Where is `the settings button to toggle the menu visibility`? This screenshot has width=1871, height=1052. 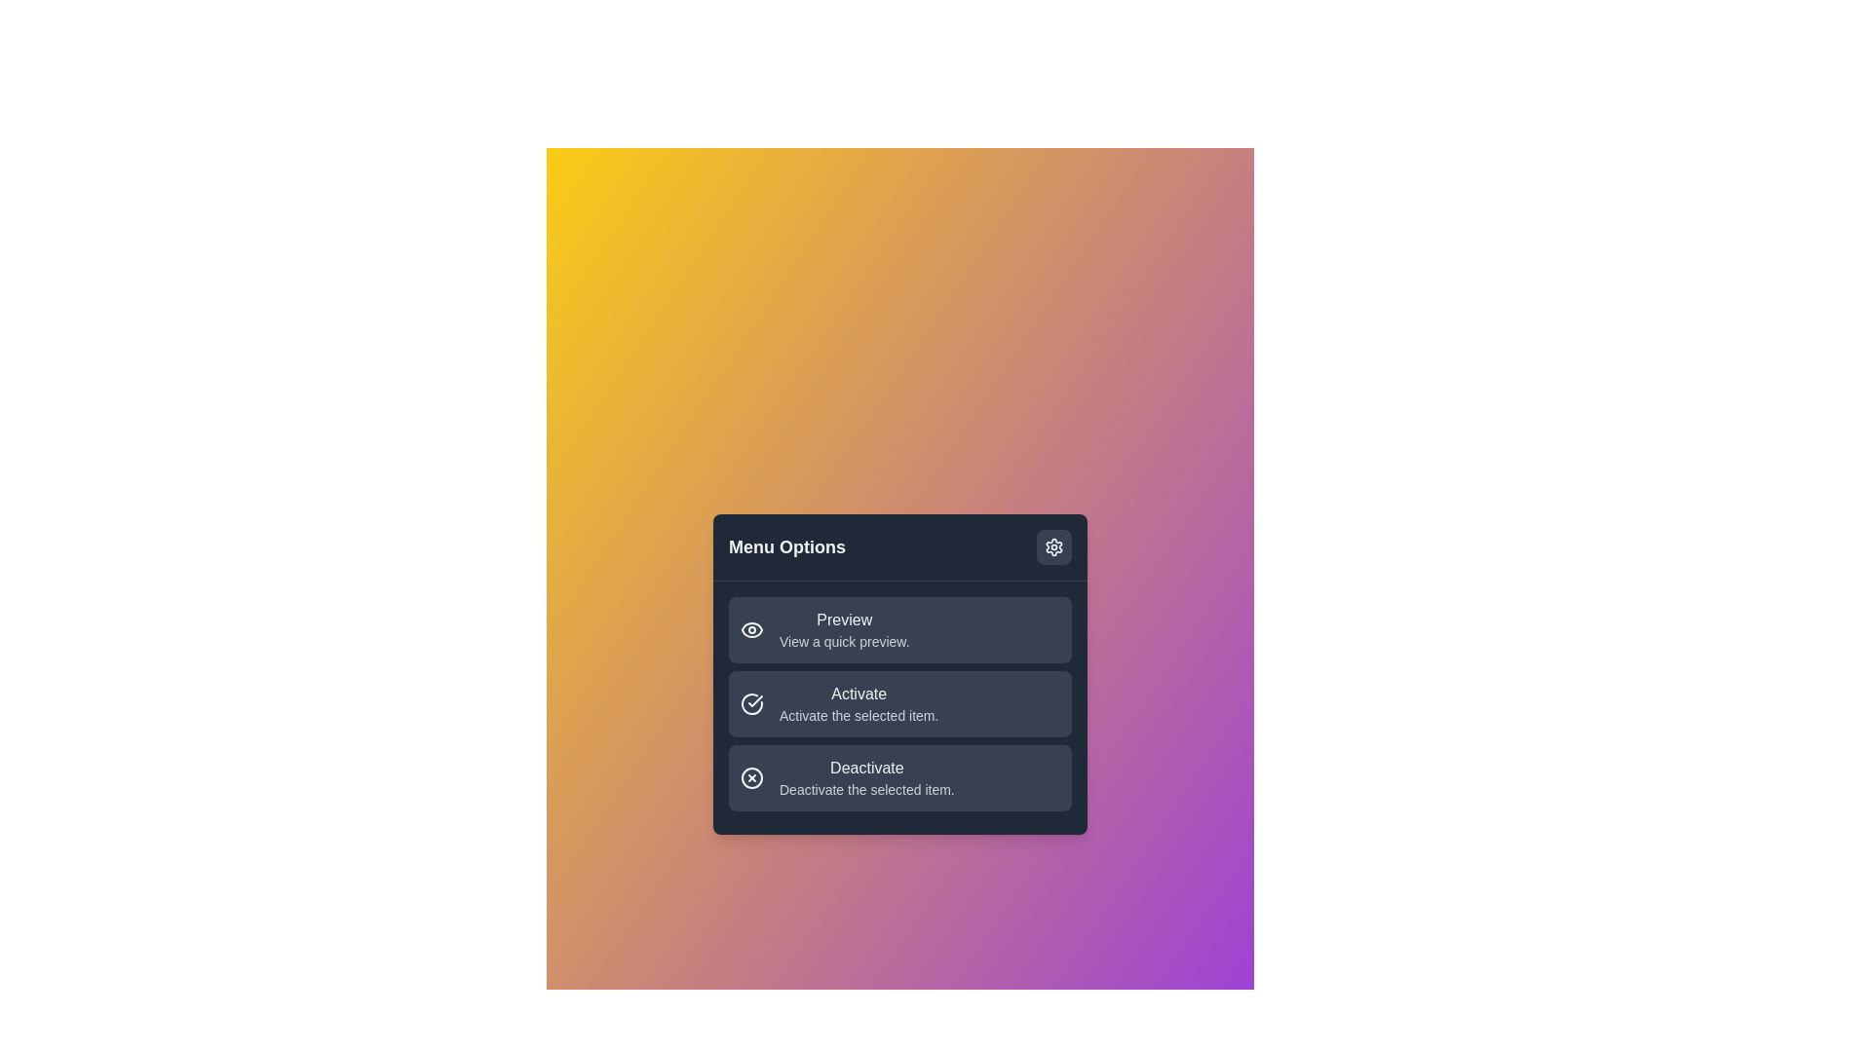
the settings button to toggle the menu visibility is located at coordinates (1052, 546).